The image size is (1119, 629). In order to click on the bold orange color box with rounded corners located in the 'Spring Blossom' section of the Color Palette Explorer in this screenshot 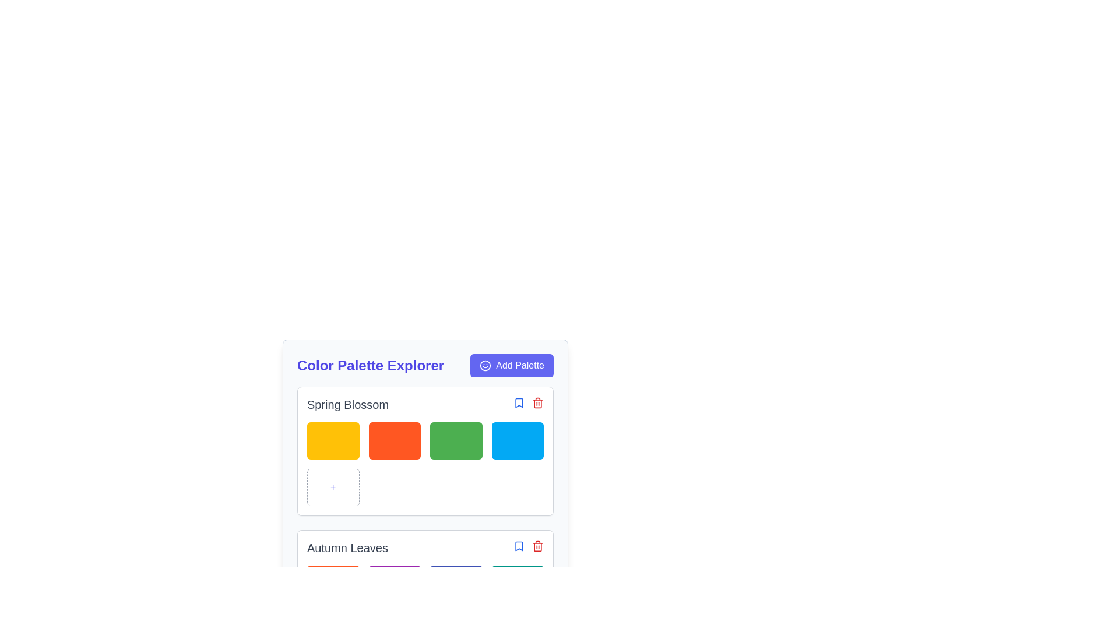, I will do `click(395, 440)`.